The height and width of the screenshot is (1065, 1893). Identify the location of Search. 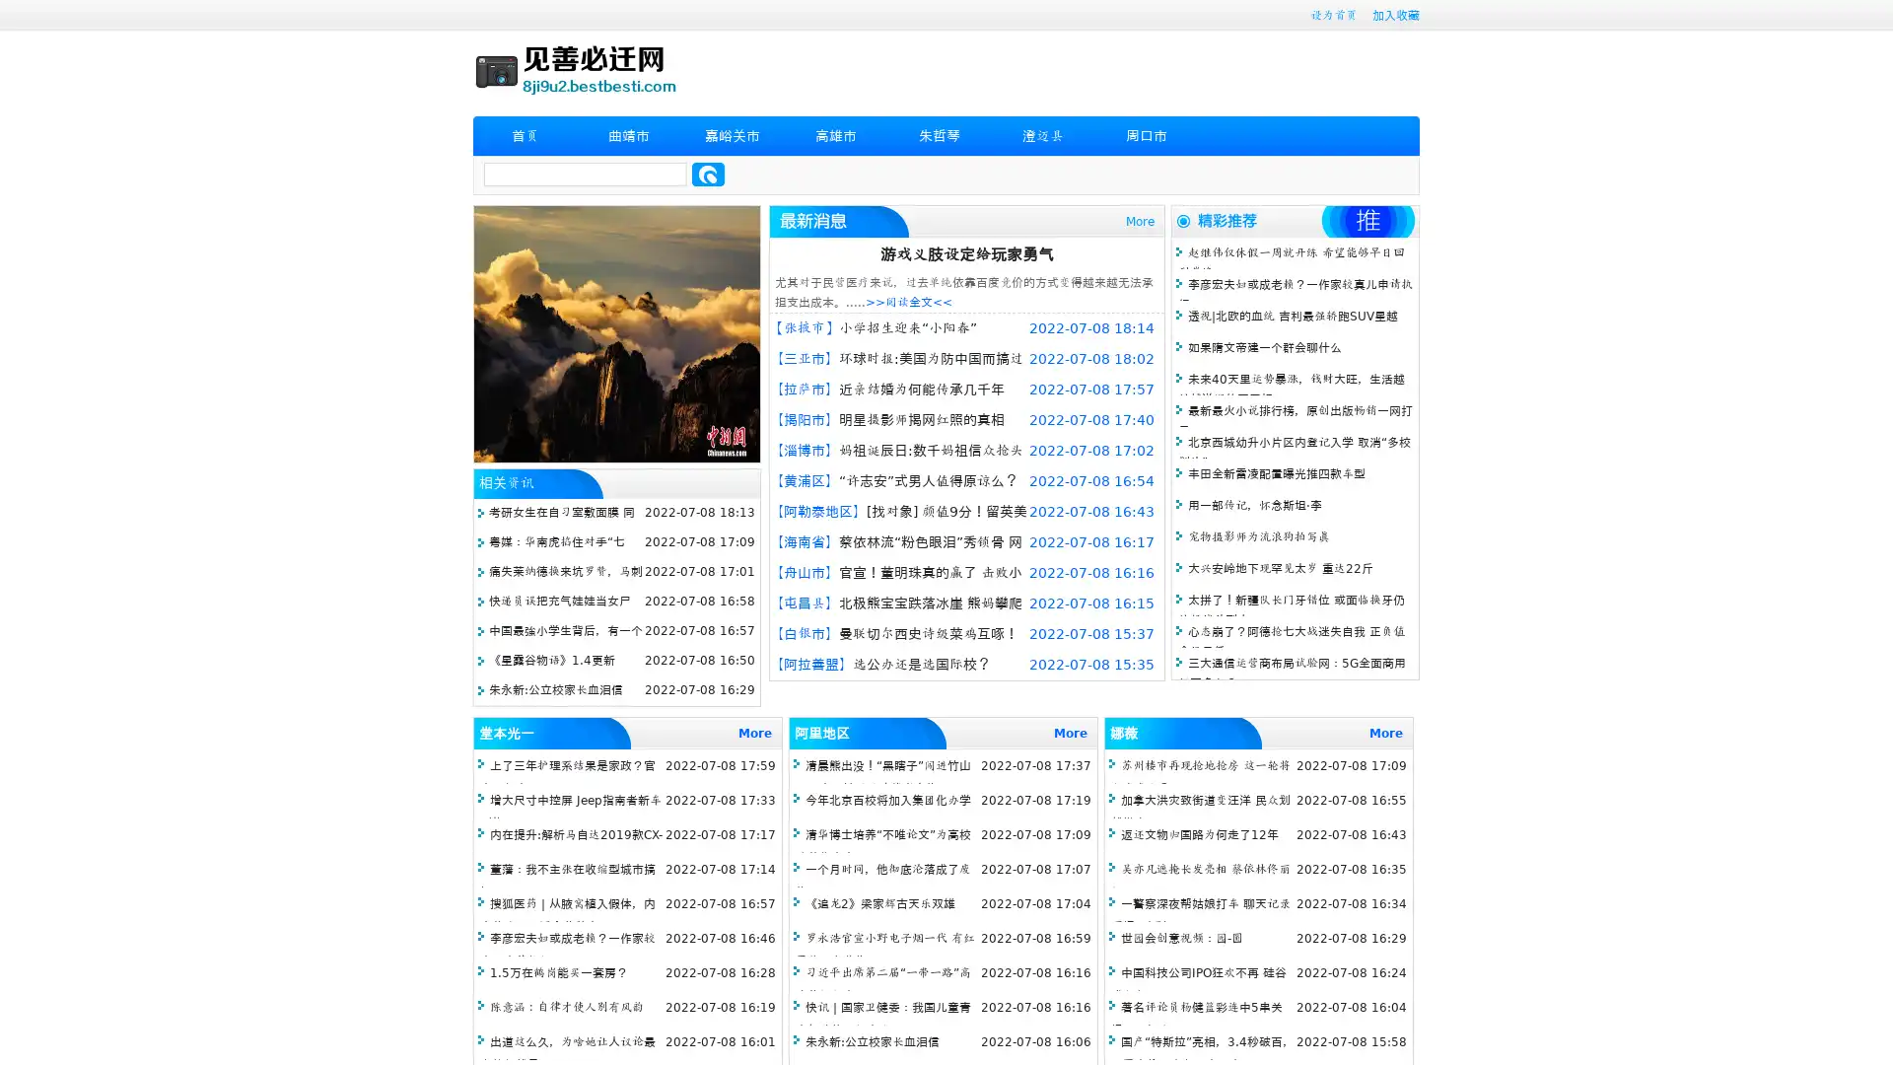
(708, 174).